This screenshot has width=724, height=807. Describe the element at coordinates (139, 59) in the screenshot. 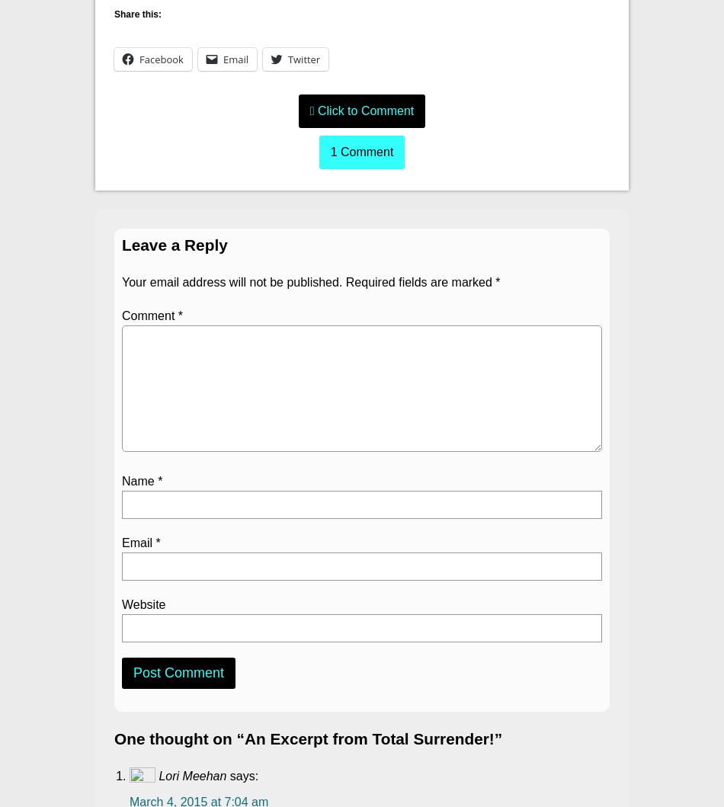

I see `'Facebook'` at that location.